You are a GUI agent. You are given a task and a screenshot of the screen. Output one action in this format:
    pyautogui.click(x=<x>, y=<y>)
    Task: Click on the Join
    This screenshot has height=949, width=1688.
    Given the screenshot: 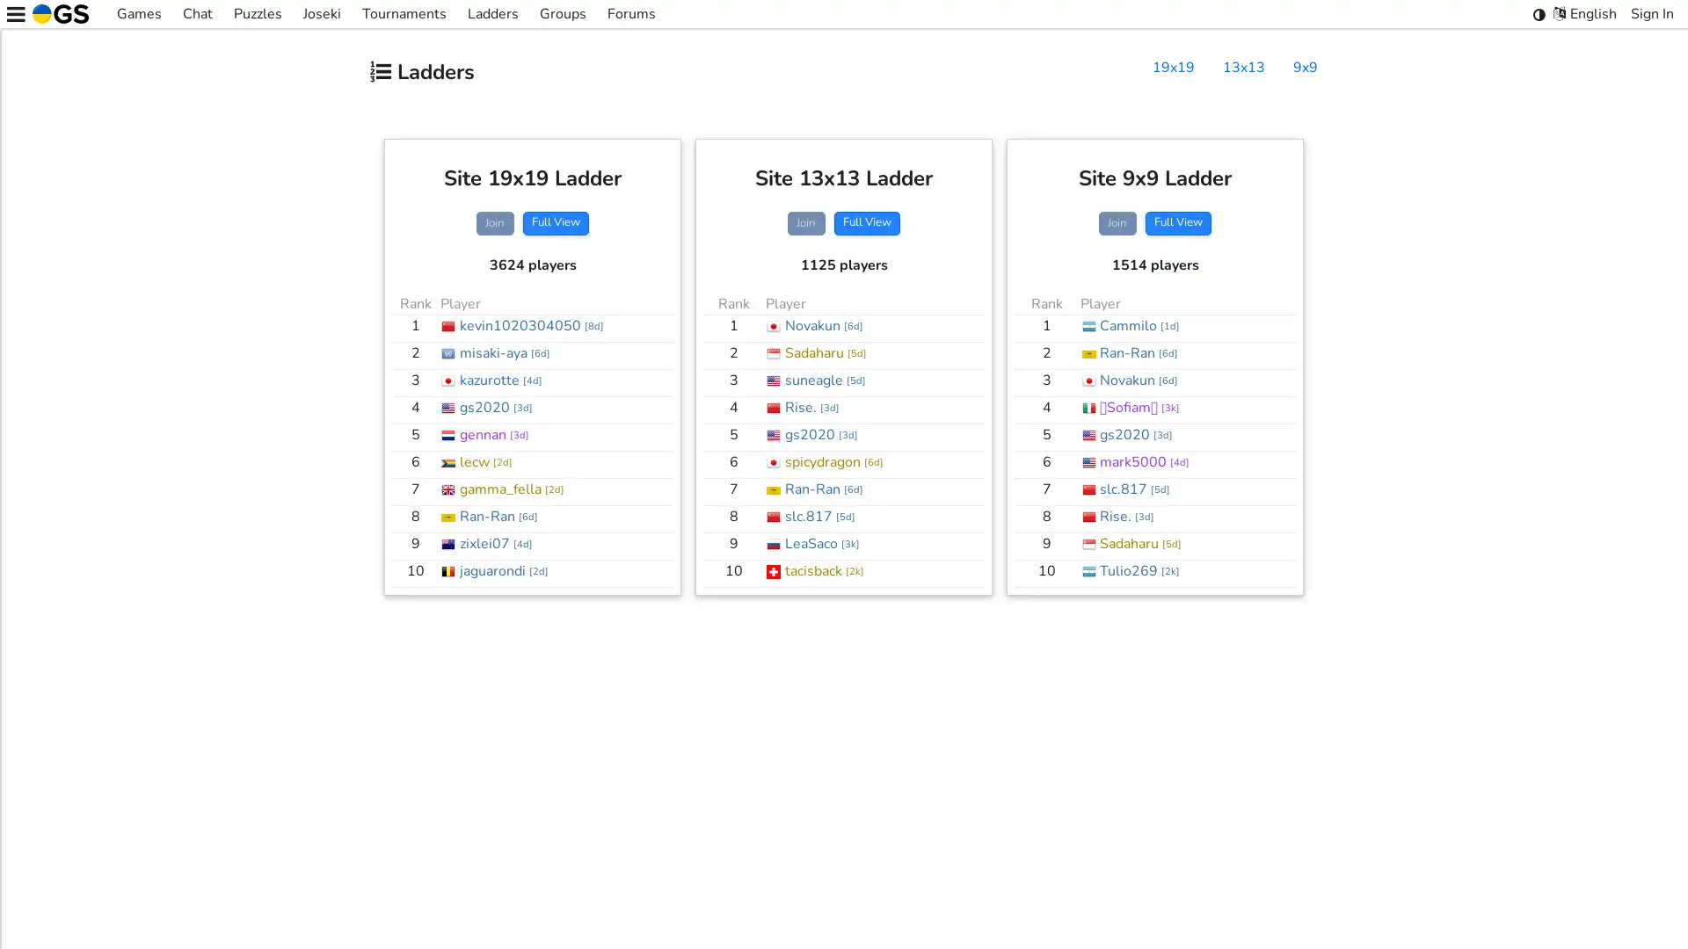 What is the action you would take?
    pyautogui.click(x=493, y=222)
    